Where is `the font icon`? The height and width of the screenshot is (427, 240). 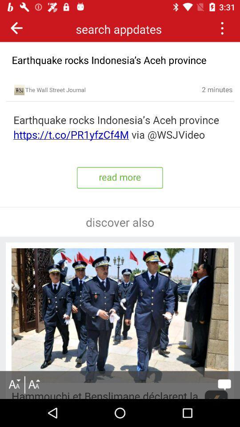 the font icon is located at coordinates (14, 384).